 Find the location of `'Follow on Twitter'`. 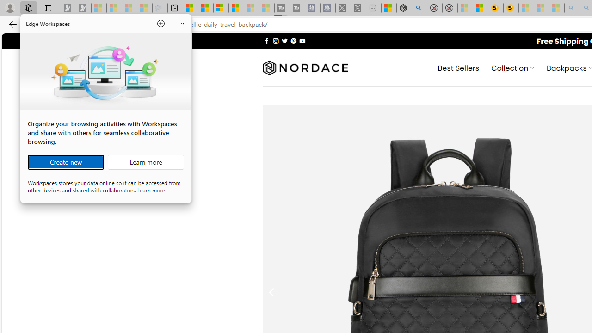

'Follow on Twitter' is located at coordinates (284, 40).